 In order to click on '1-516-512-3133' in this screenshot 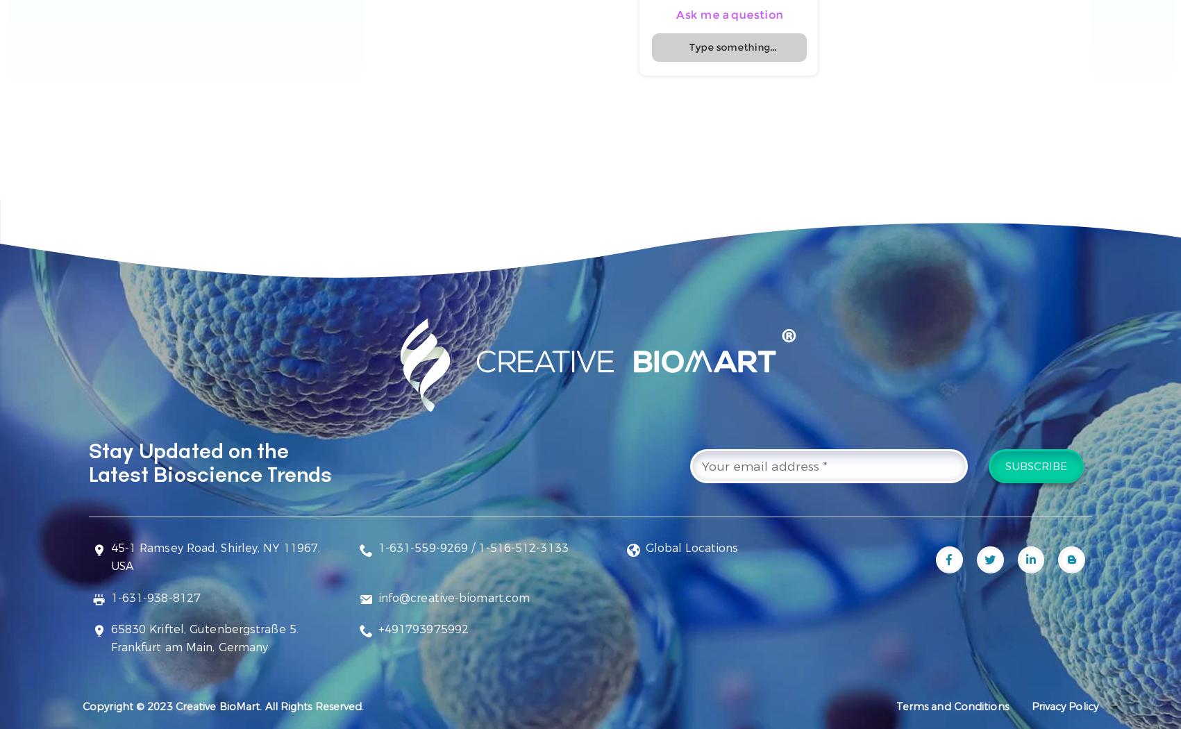, I will do `click(523, 547)`.